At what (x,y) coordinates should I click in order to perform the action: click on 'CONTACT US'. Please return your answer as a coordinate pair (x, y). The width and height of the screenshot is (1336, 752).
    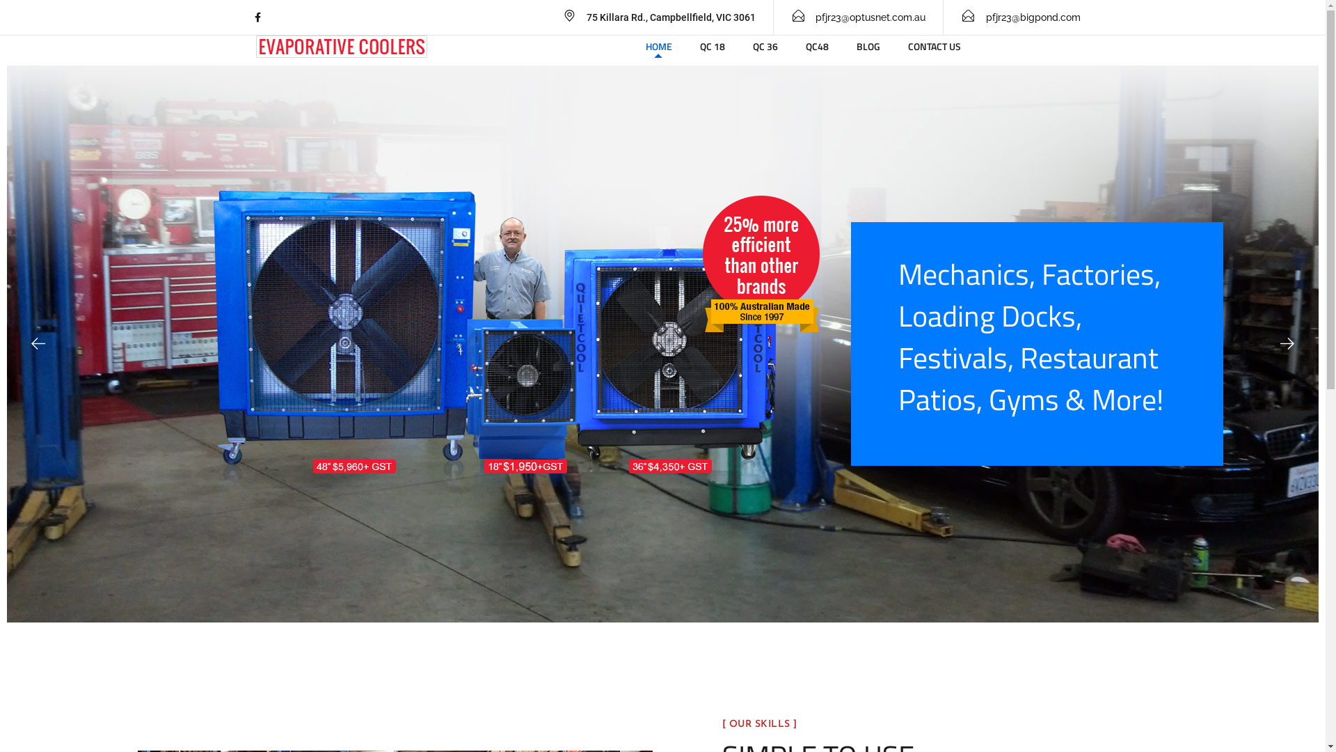
    Looking at the image, I should click on (908, 45).